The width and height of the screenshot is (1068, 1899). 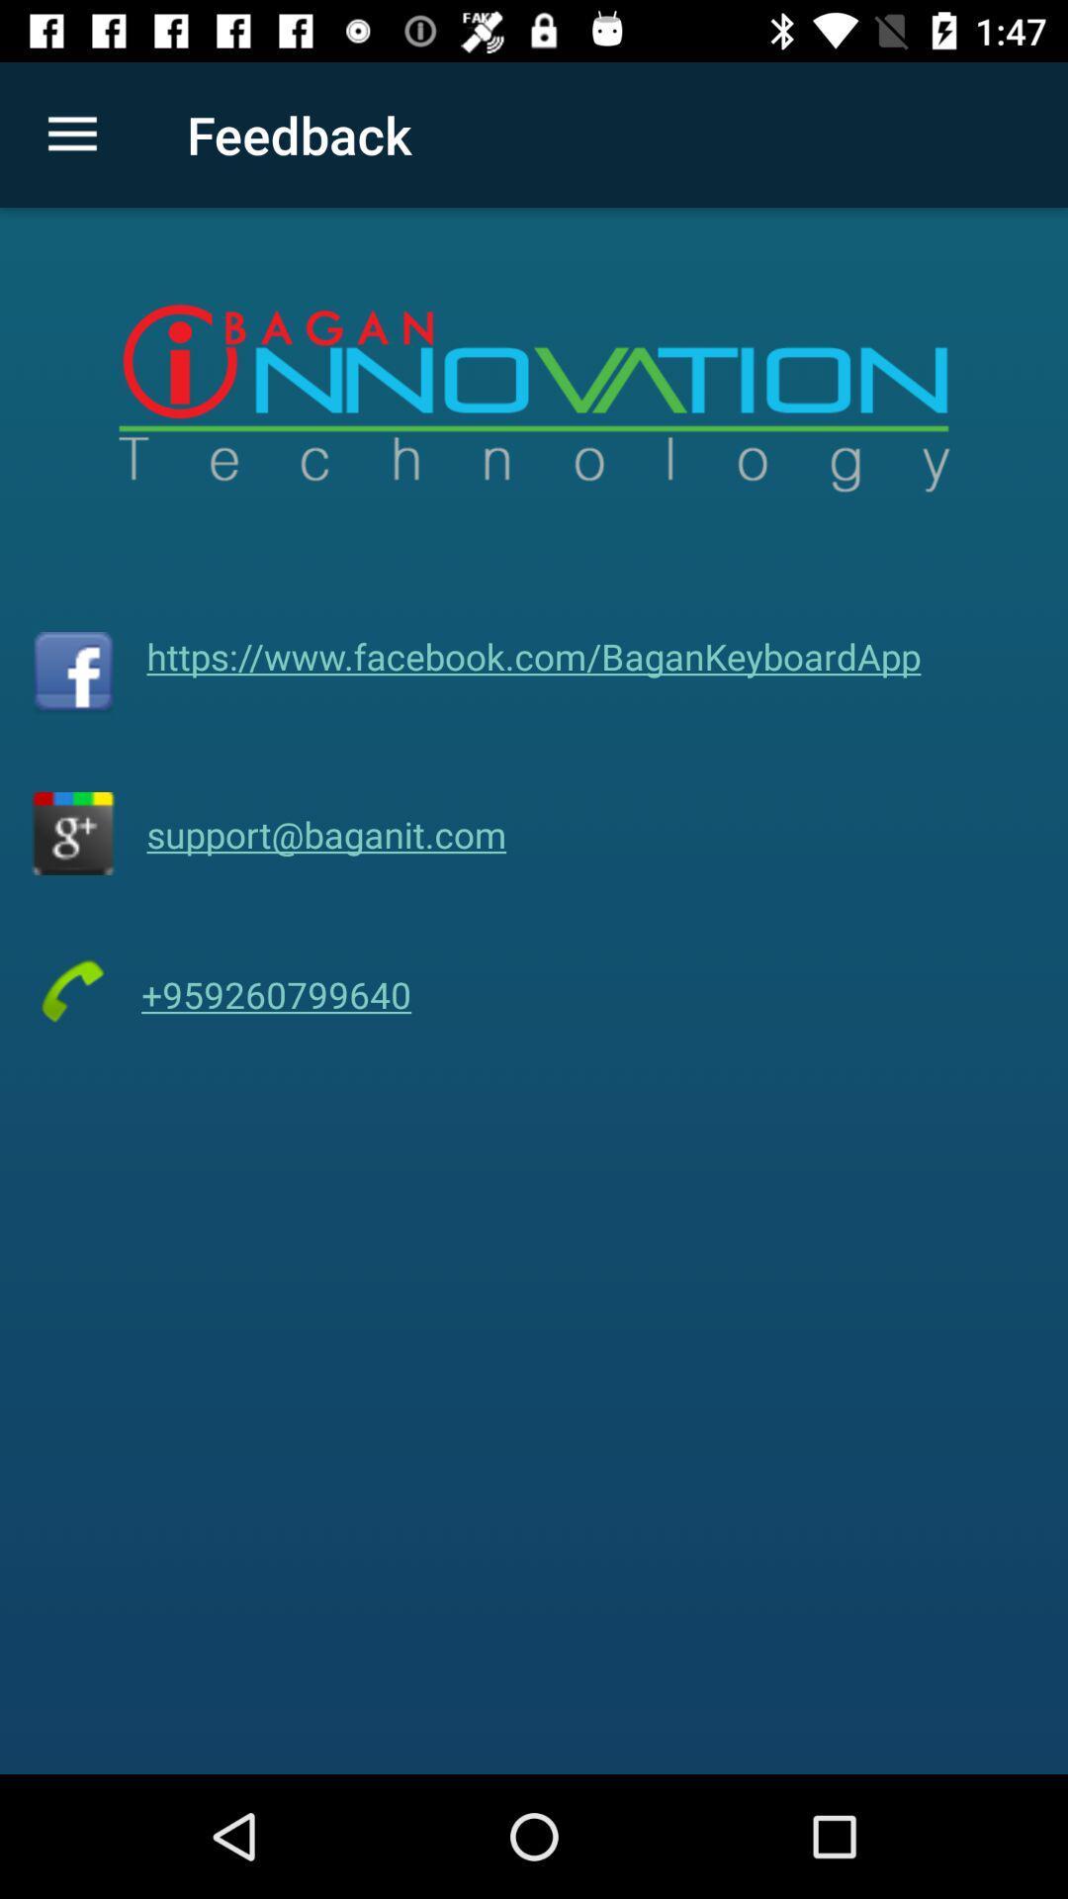 What do you see at coordinates (71, 134) in the screenshot?
I see `item to the left of the feedback item` at bounding box center [71, 134].